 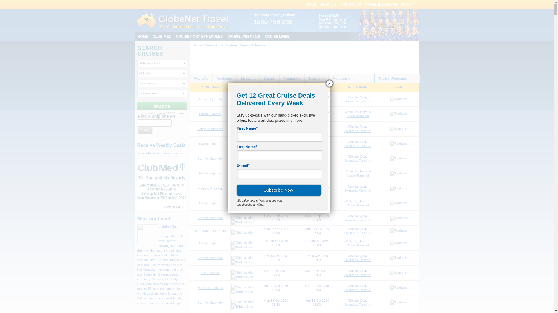 What do you see at coordinates (162, 36) in the screenshot?
I see `'CLUB MED'` at bounding box center [162, 36].